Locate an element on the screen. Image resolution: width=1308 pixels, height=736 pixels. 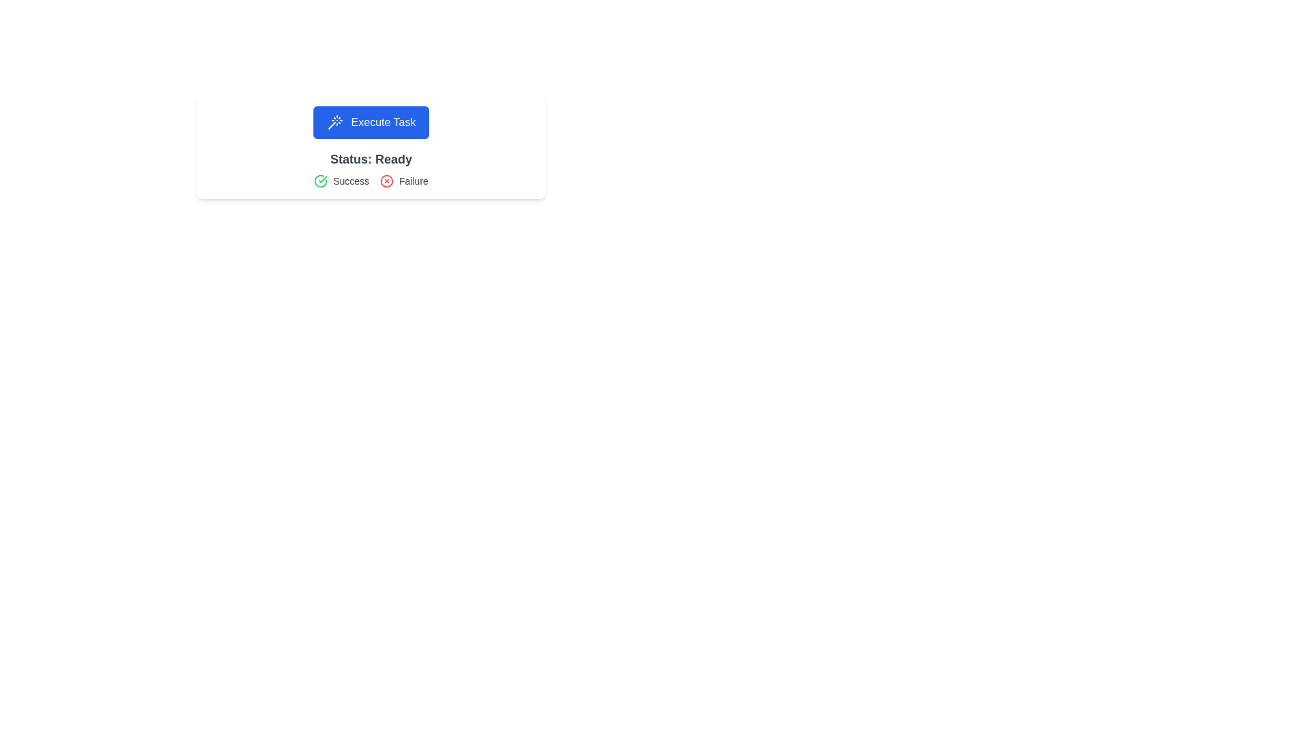
the blue 'Execute Task' button with white text and a magic wand icon is located at coordinates (371, 123).